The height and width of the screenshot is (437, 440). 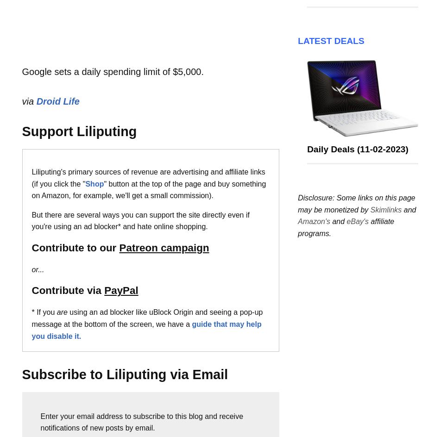 I want to click on 'But there are several ways you can support the site directly even if you're using an ad blocker* and hate online shopping.', so click(x=139, y=220).